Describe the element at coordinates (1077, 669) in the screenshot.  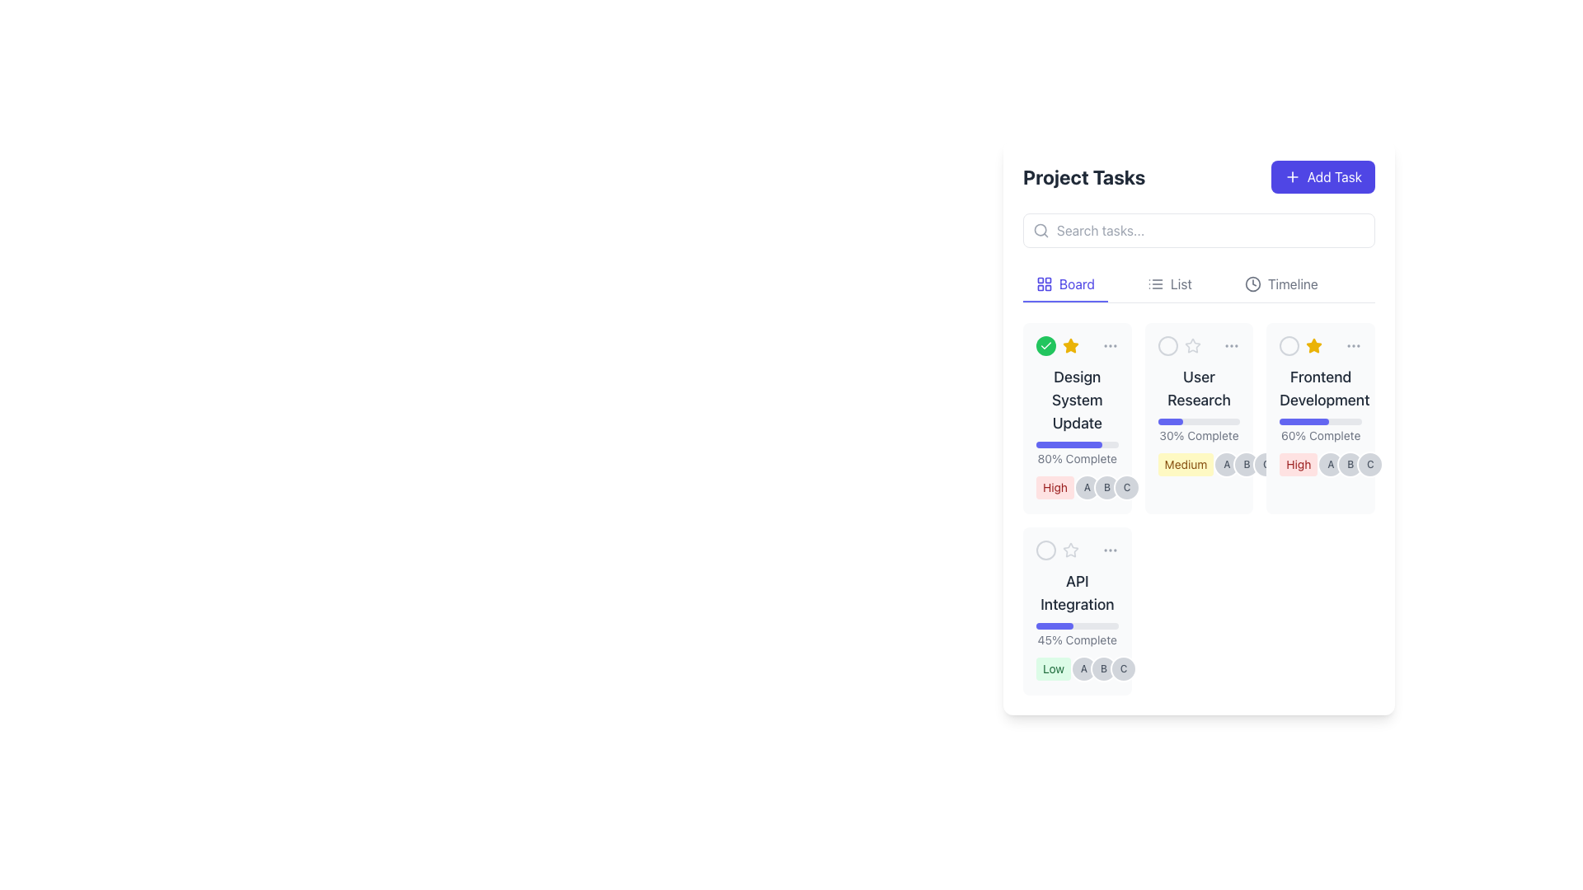
I see `the first circular Tag or Icon Button located immediately to the right of the 'Low' label` at that location.